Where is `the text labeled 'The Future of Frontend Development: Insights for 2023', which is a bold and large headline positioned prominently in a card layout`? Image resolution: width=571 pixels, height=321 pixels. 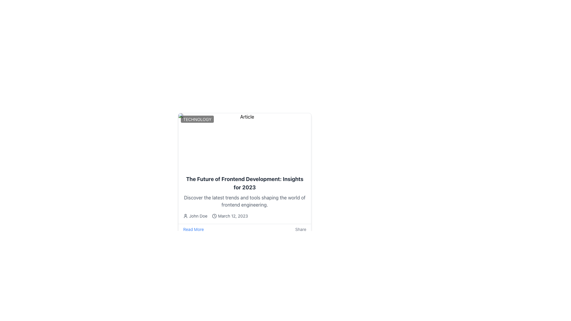 the text labeled 'The Future of Frontend Development: Insights for 2023', which is a bold and large headline positioned prominently in a card layout is located at coordinates (244, 183).